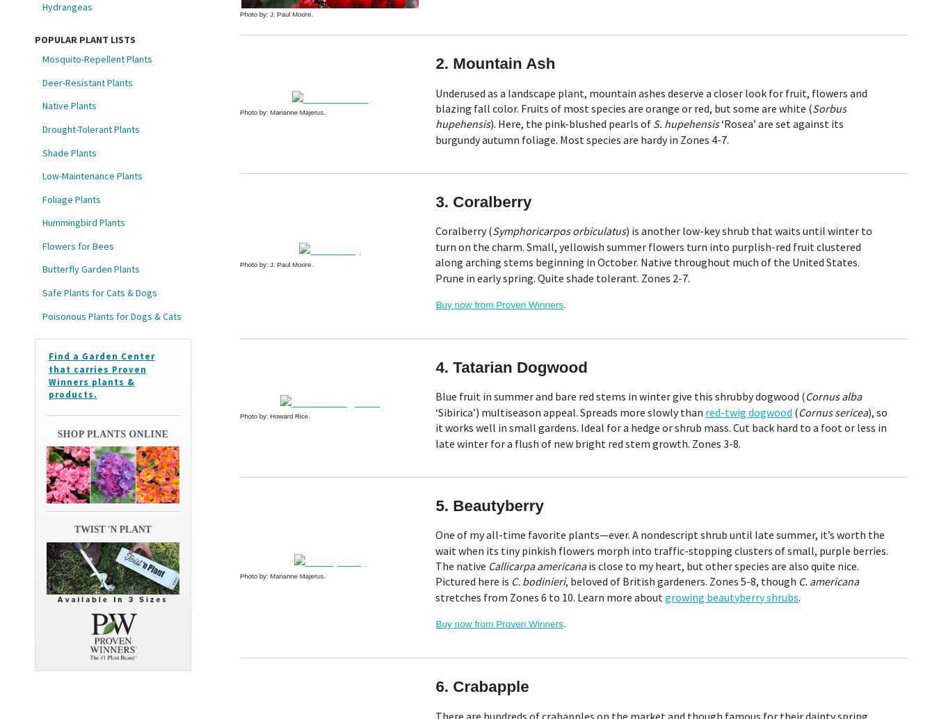  I want to click on 'Copyright 2023. All Rights Reserved. Reproduction in whole or in part without permission is prohibited.', so click(490, 640).